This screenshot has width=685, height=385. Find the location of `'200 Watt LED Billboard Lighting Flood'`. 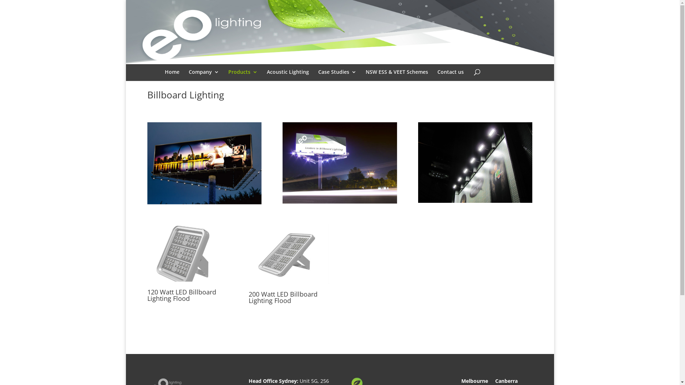

'200 Watt LED Billboard Lighting Flood' is located at coordinates (289, 253).